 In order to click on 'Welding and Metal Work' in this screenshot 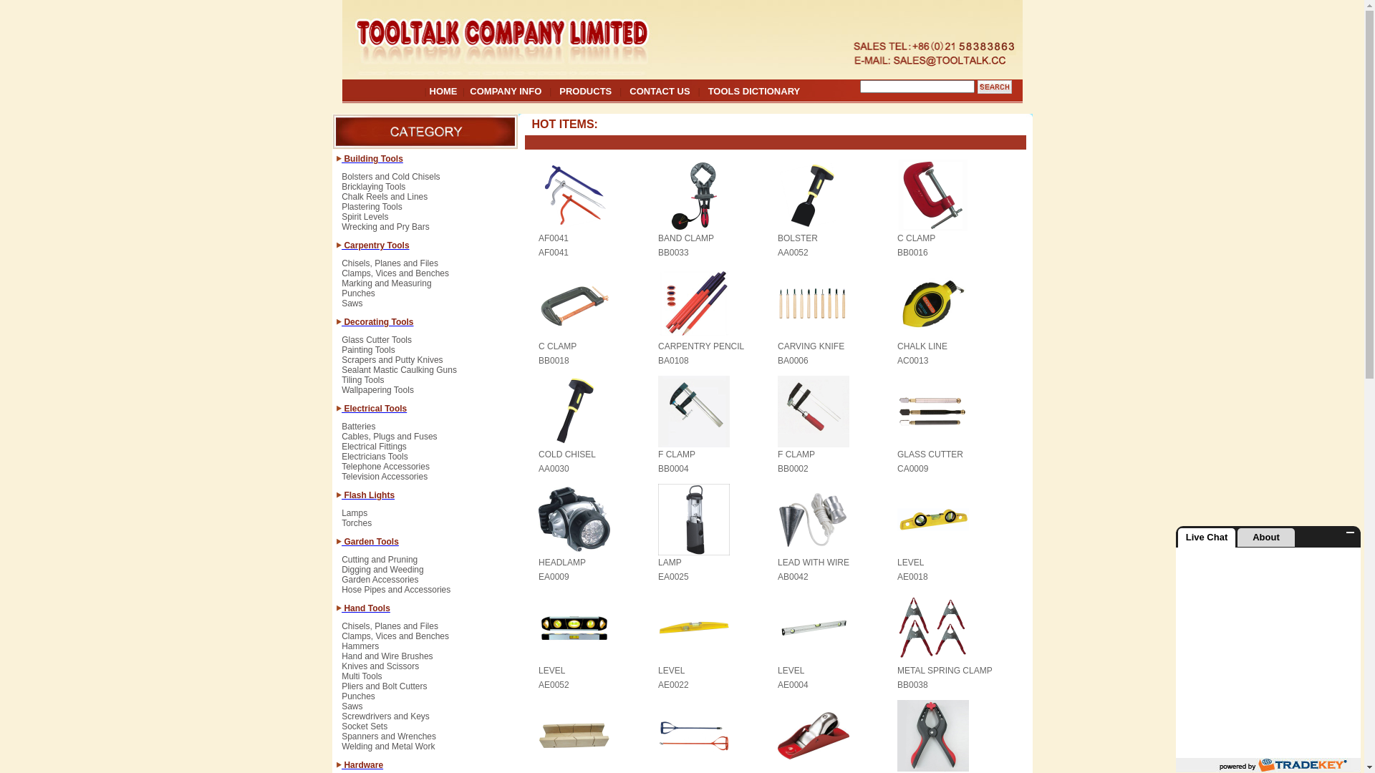, I will do `click(388, 745)`.